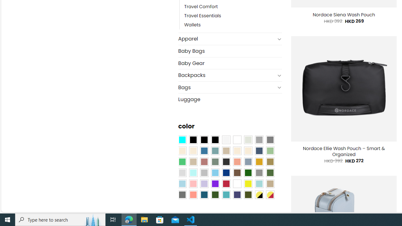  I want to click on 'Black-Brown', so click(215, 139).